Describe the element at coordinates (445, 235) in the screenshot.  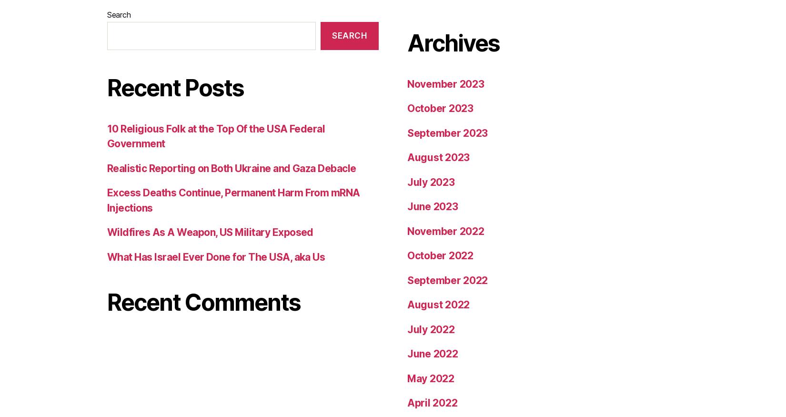
I see `'November 2021'` at that location.